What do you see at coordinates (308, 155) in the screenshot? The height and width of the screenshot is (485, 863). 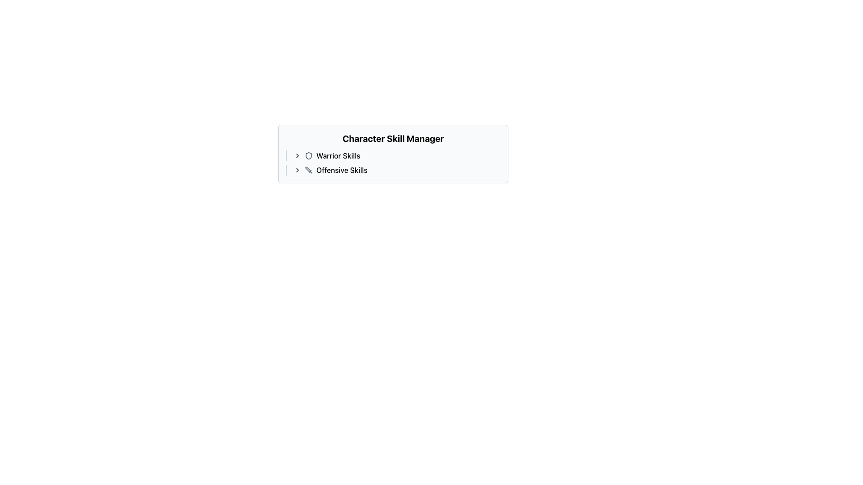 I see `the graphical shield icon representing 'Warrior Skills' in the 'Character Skill Manager' interface, located next to the text 'Warrior Skills'` at bounding box center [308, 155].